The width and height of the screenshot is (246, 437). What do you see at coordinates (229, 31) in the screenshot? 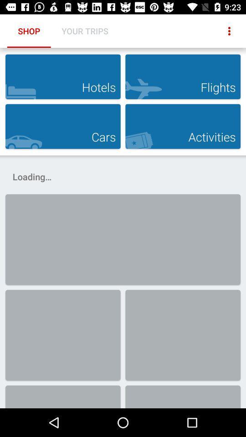
I see `item next to your trips` at bounding box center [229, 31].